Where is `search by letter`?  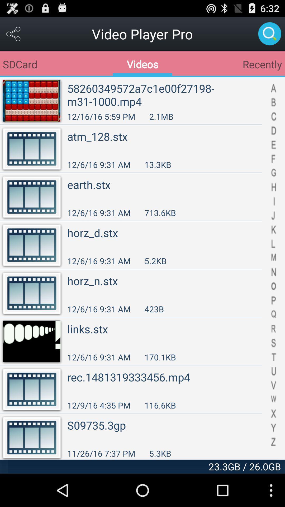
search by letter is located at coordinates (273, 268).